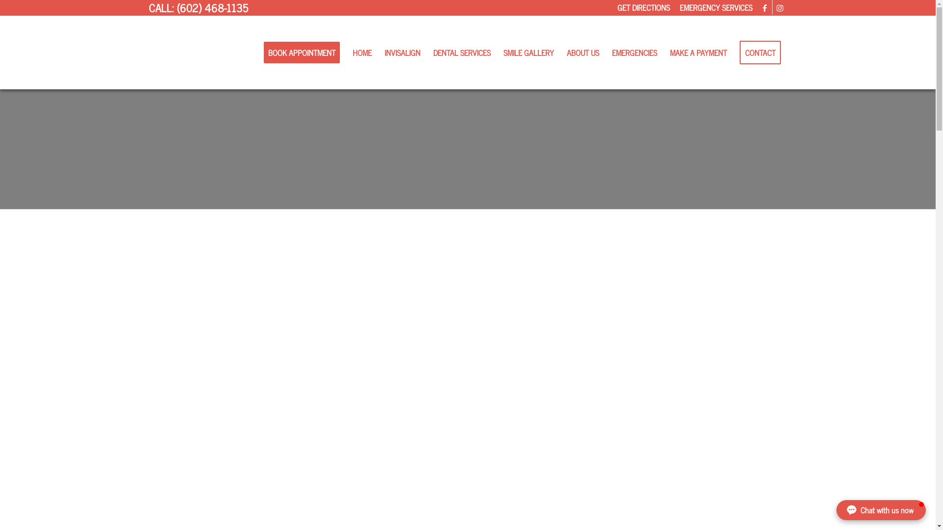 The width and height of the screenshot is (943, 530). I want to click on 'DENTAL SERVICES', so click(461, 53).